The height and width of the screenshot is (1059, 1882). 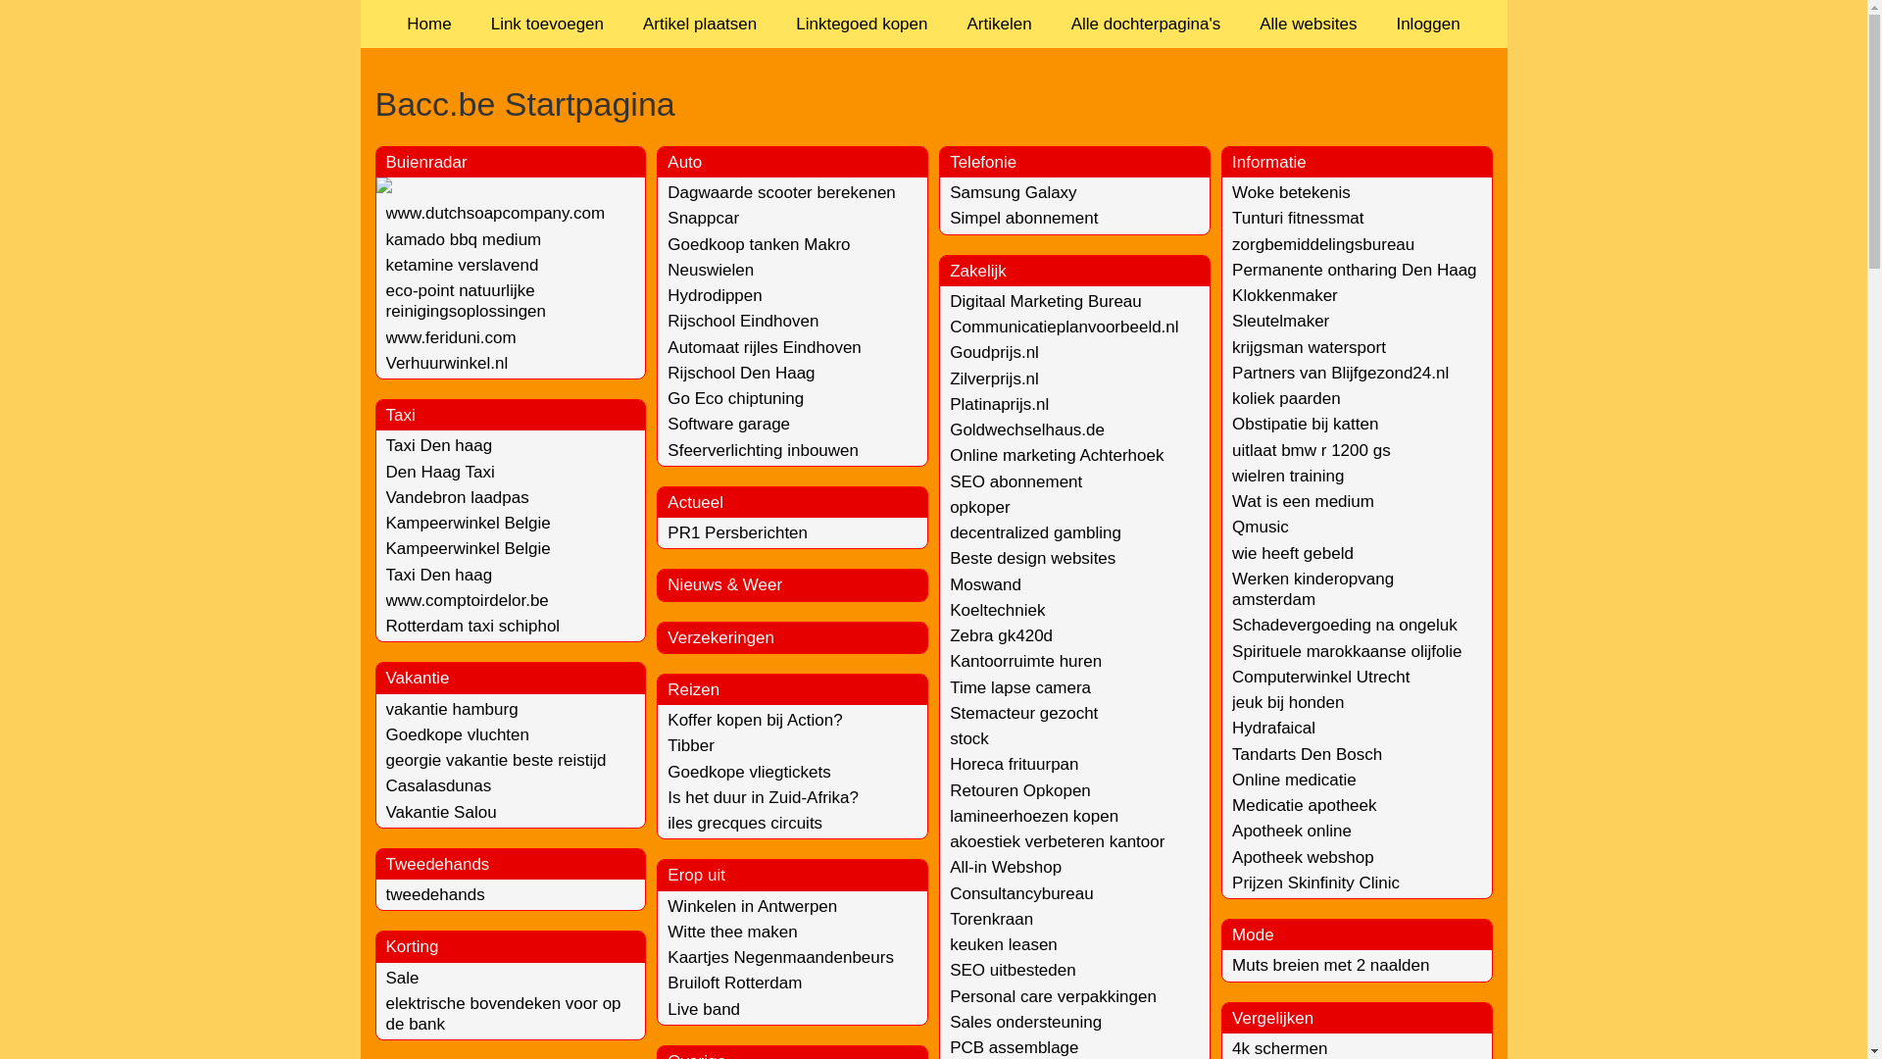 I want to click on 'Alle websites', so click(x=1308, y=24).